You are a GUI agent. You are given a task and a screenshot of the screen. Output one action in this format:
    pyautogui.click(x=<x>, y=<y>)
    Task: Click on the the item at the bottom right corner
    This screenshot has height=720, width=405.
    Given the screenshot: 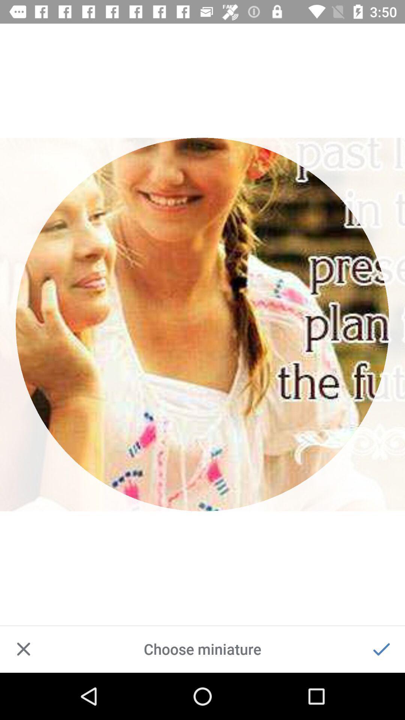 What is the action you would take?
    pyautogui.click(x=381, y=649)
    